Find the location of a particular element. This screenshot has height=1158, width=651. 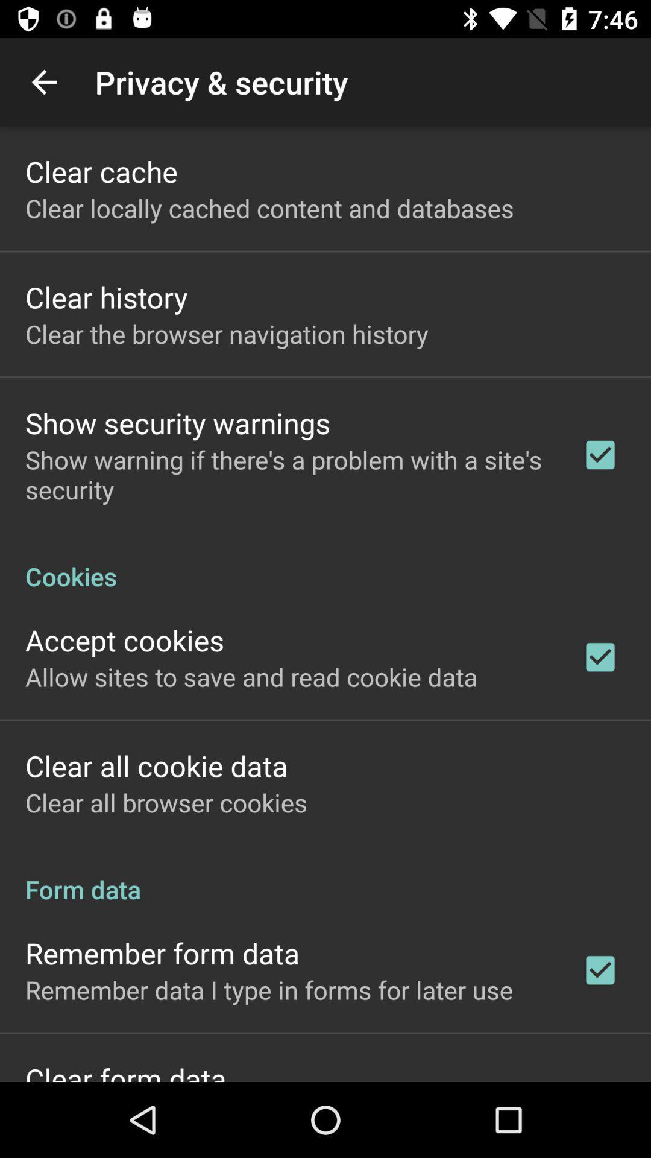

item above the allow sites to app is located at coordinates (125, 639).